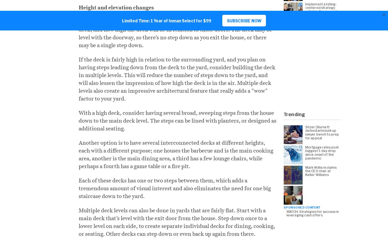 The width and height of the screenshot is (388, 239). I want to click on 'Multiple deck levels can also be done in yards that are fairly flat. Start with a main deck that’s level with the exit door from the house. Step down once to a lower level on each side, to create separate individual decks for dining, cooking, or seating. Other decks can step down or even back up again from there.', so click(176, 222).